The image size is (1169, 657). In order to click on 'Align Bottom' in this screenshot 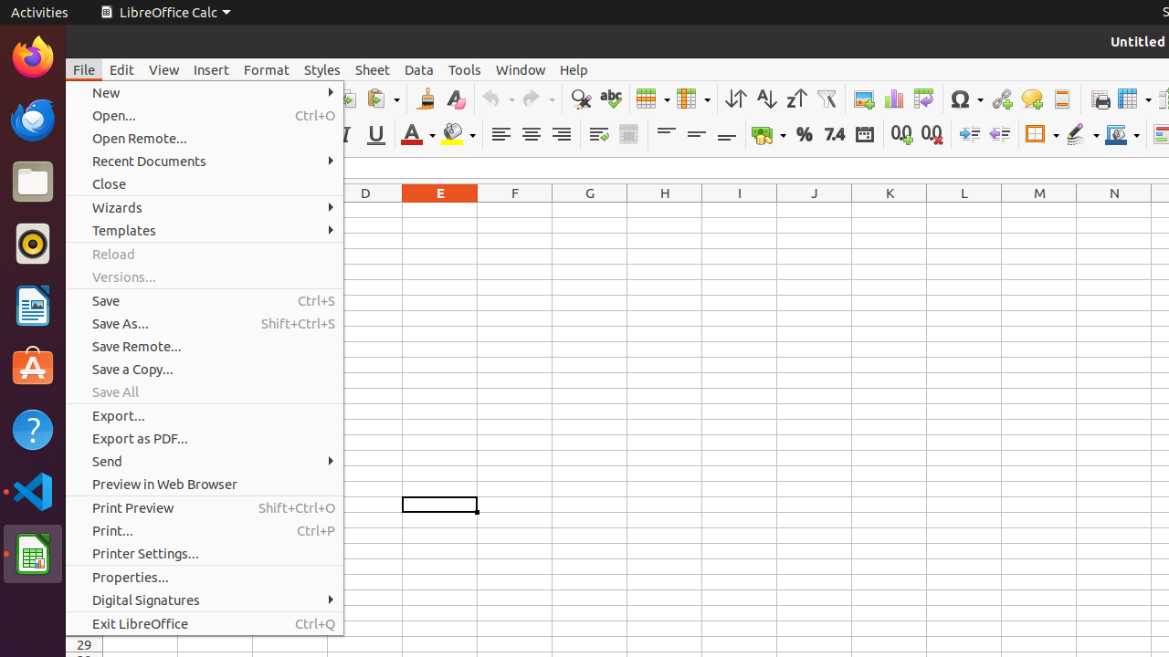, I will do `click(725, 133)`.